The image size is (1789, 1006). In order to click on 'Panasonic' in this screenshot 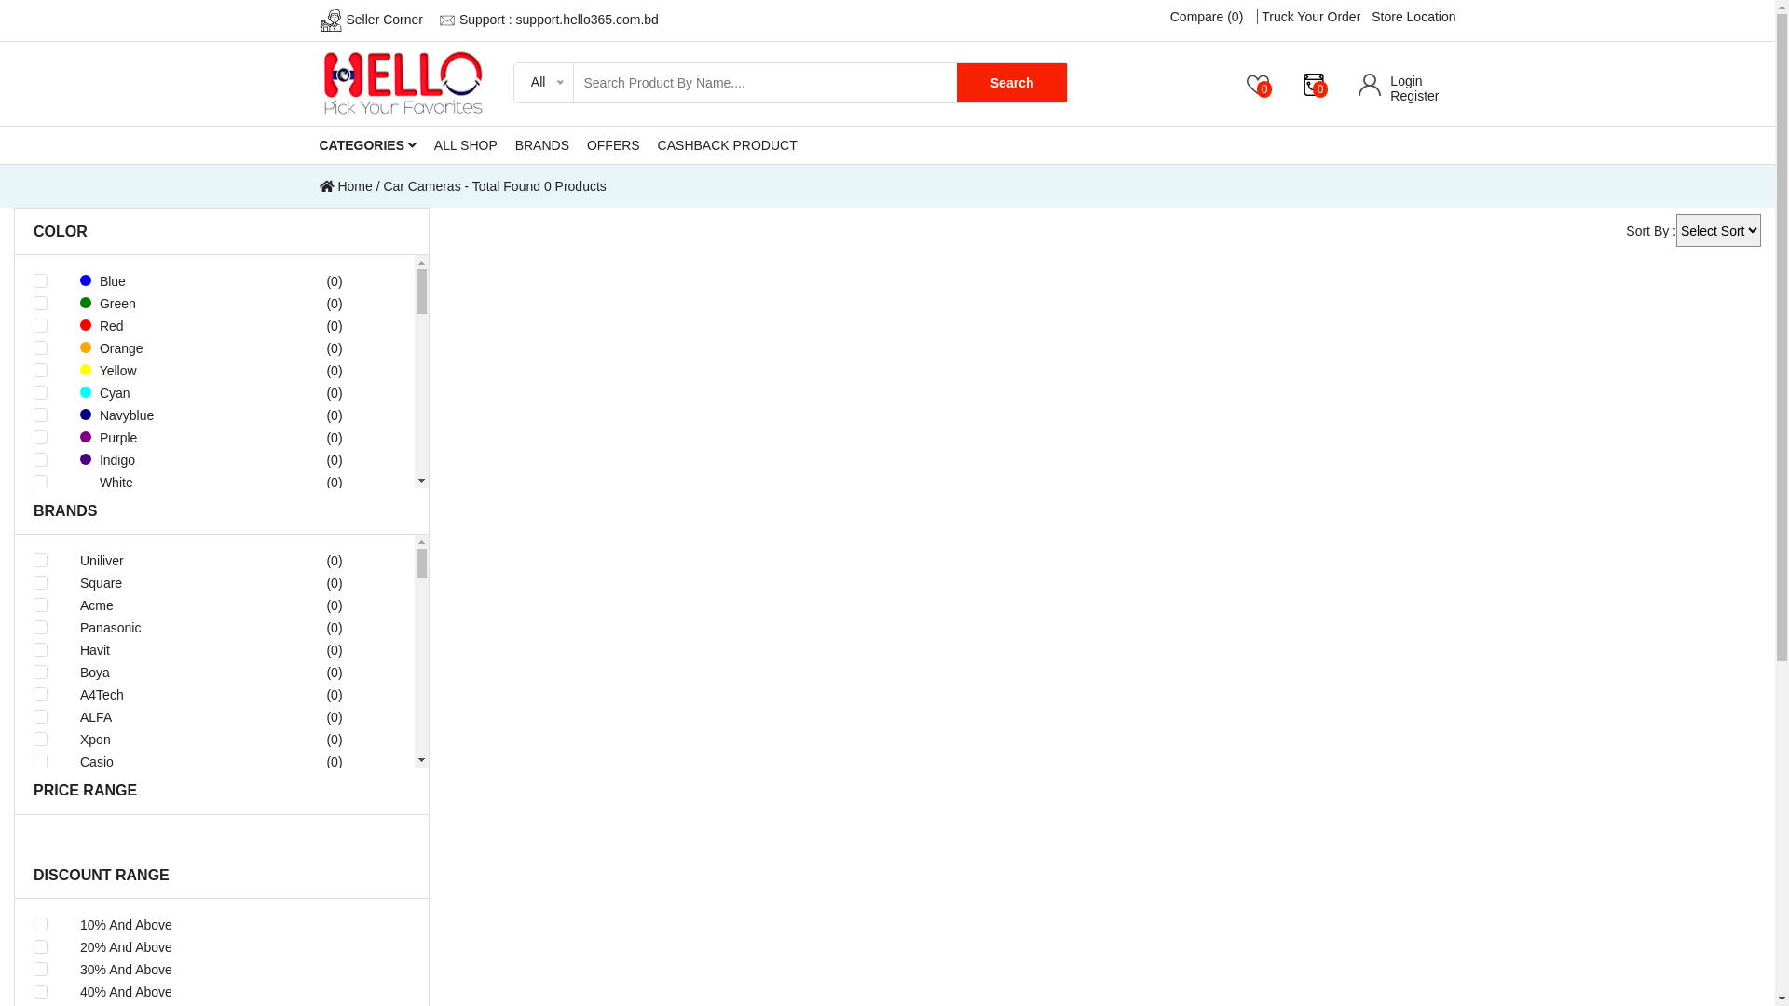, I will do `click(174, 628)`.